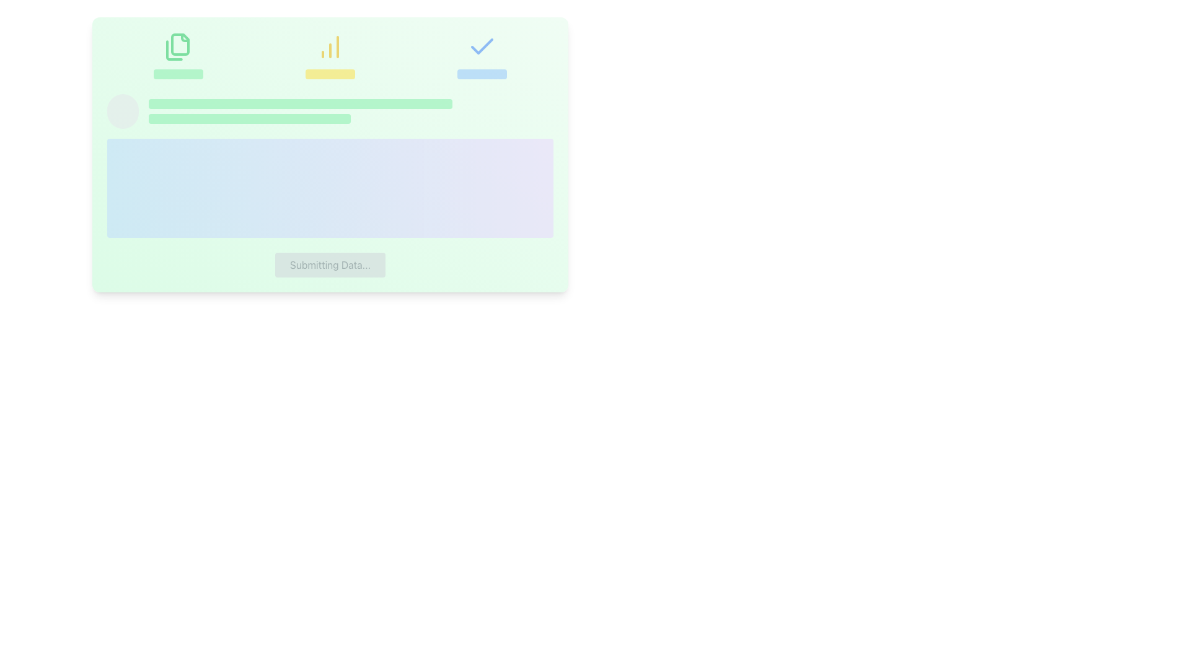 The image size is (1190, 669). Describe the element at coordinates (184, 37) in the screenshot. I see `the top-right segment of the SVG icon representing a document by clicking on the entire icon area` at that location.